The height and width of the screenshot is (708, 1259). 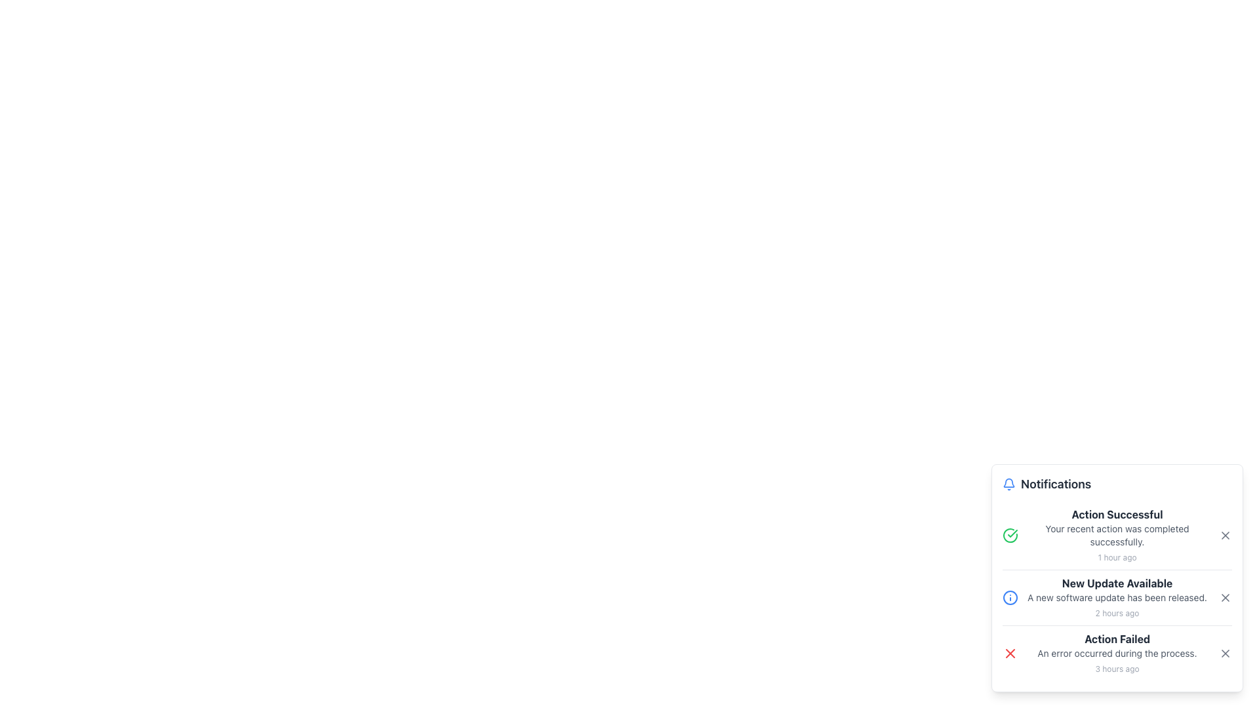 I want to click on the Close button located in the top-right corner of the 'Action Successful' notification card, so click(x=1224, y=536).